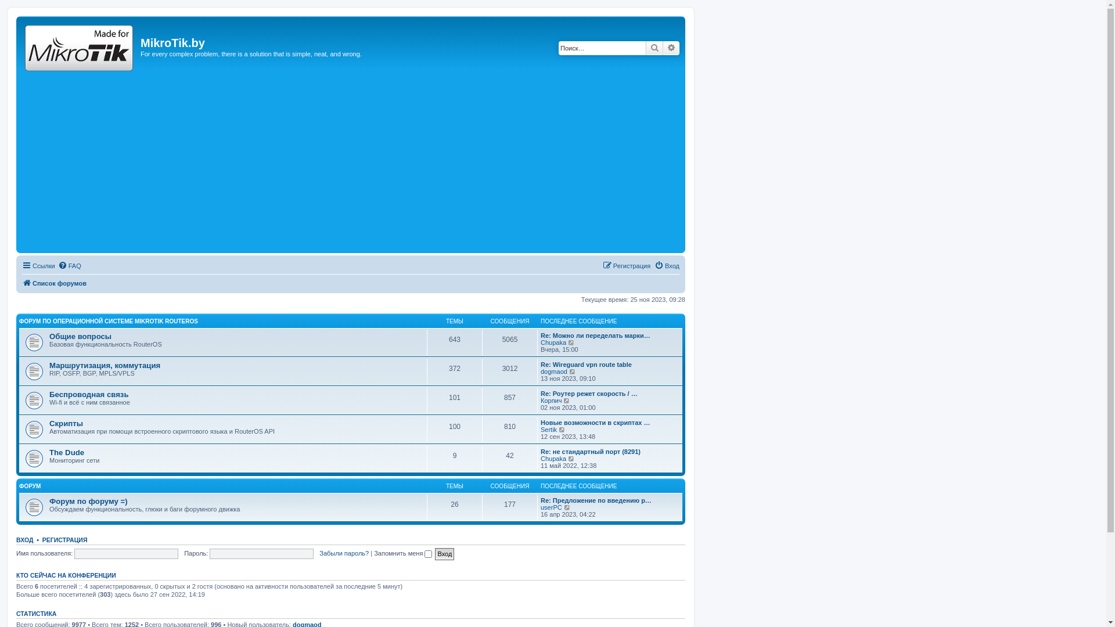  Describe the element at coordinates (551, 507) in the screenshot. I see `'userPC'` at that location.